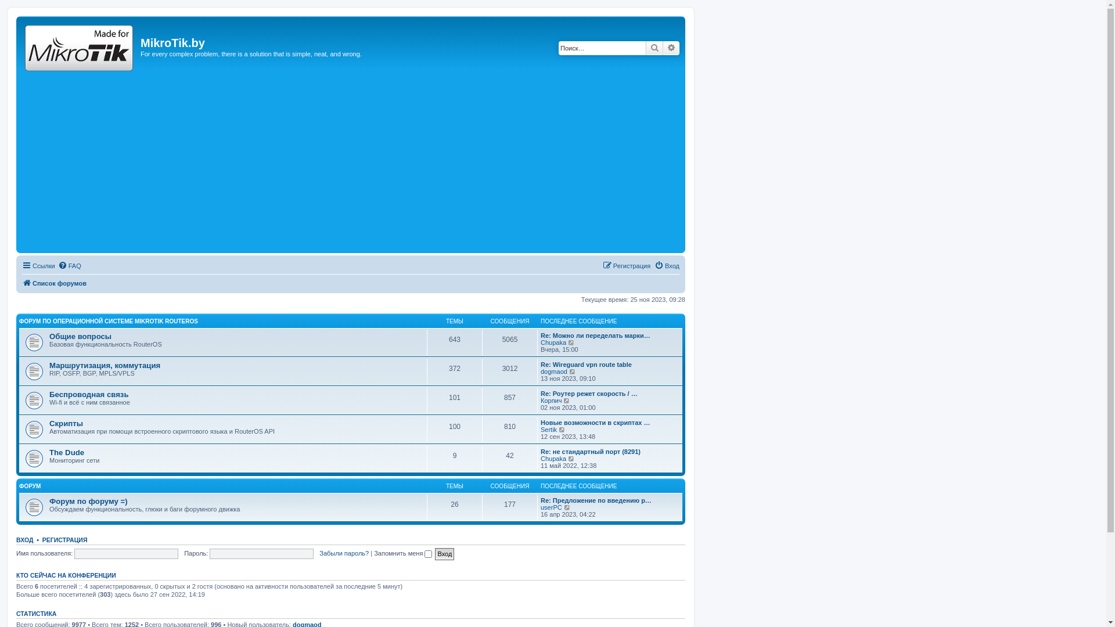  Describe the element at coordinates (551, 507) in the screenshot. I see `'userPC'` at that location.